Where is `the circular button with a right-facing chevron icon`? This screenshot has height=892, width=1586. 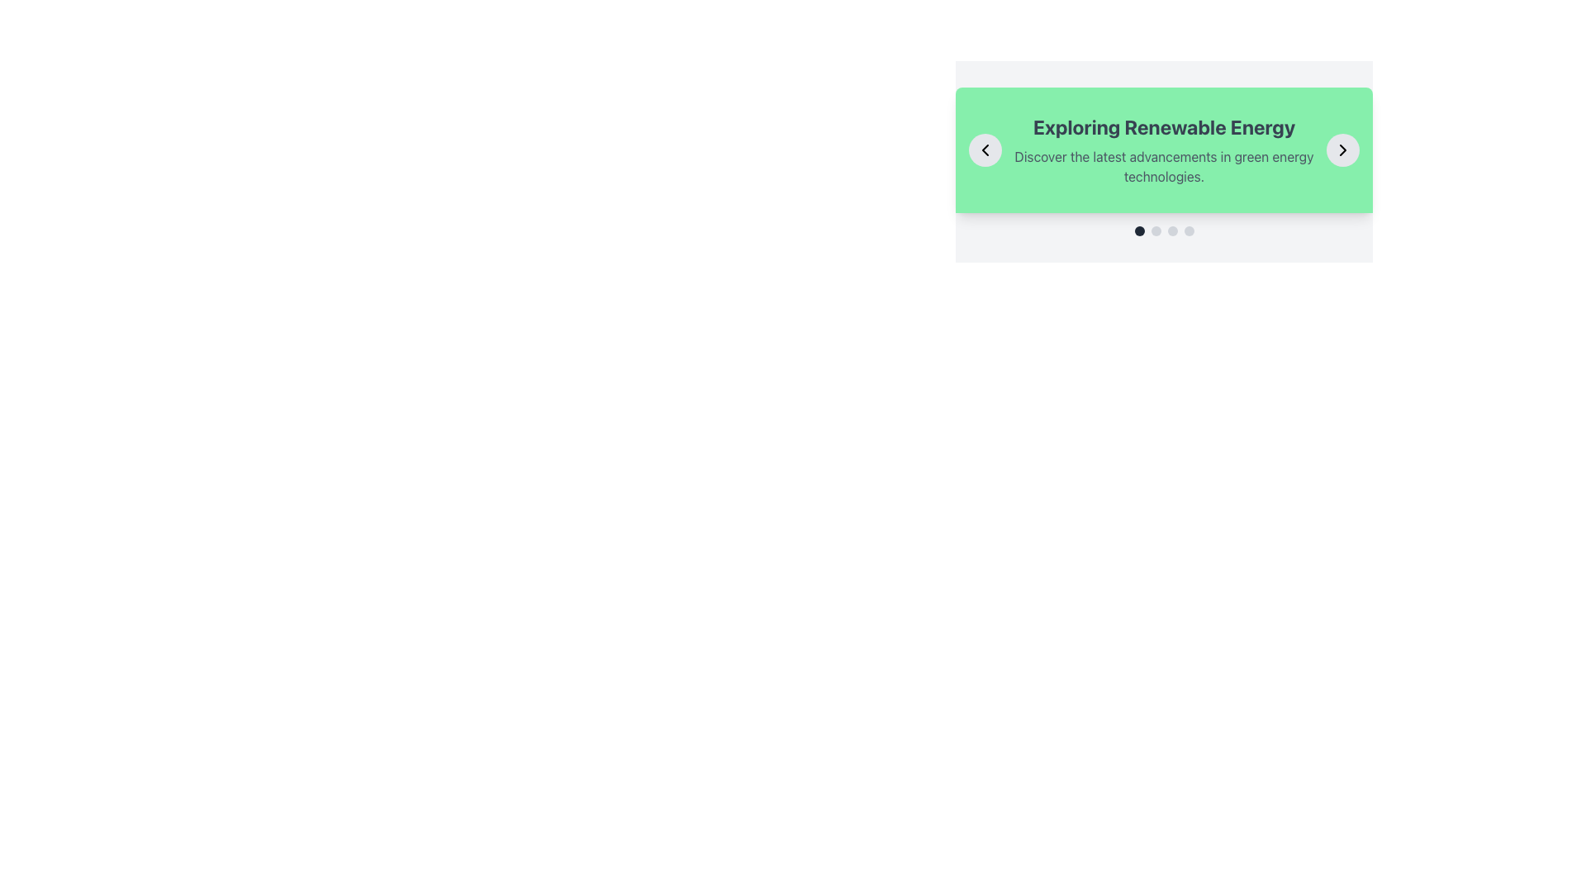
the circular button with a right-facing chevron icon is located at coordinates (1343, 149).